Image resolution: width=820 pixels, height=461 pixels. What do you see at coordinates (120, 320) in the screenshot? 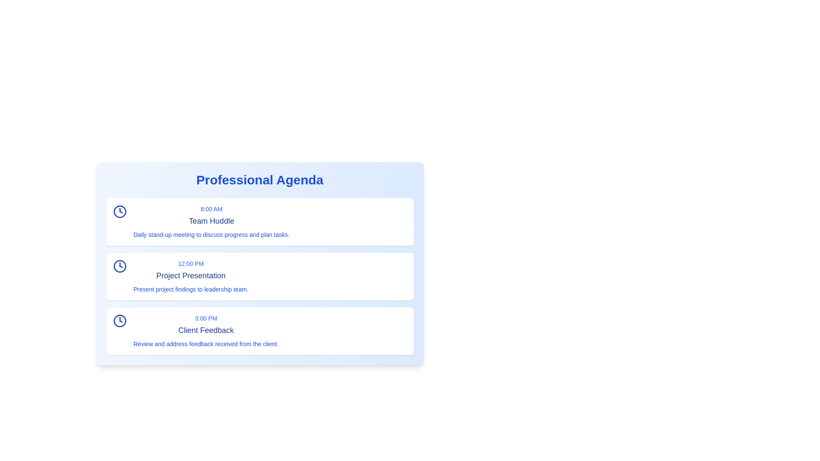
I see `the lower hand of the clock icon within the agenda item '3:00 PM Client Feedback'` at bounding box center [120, 320].